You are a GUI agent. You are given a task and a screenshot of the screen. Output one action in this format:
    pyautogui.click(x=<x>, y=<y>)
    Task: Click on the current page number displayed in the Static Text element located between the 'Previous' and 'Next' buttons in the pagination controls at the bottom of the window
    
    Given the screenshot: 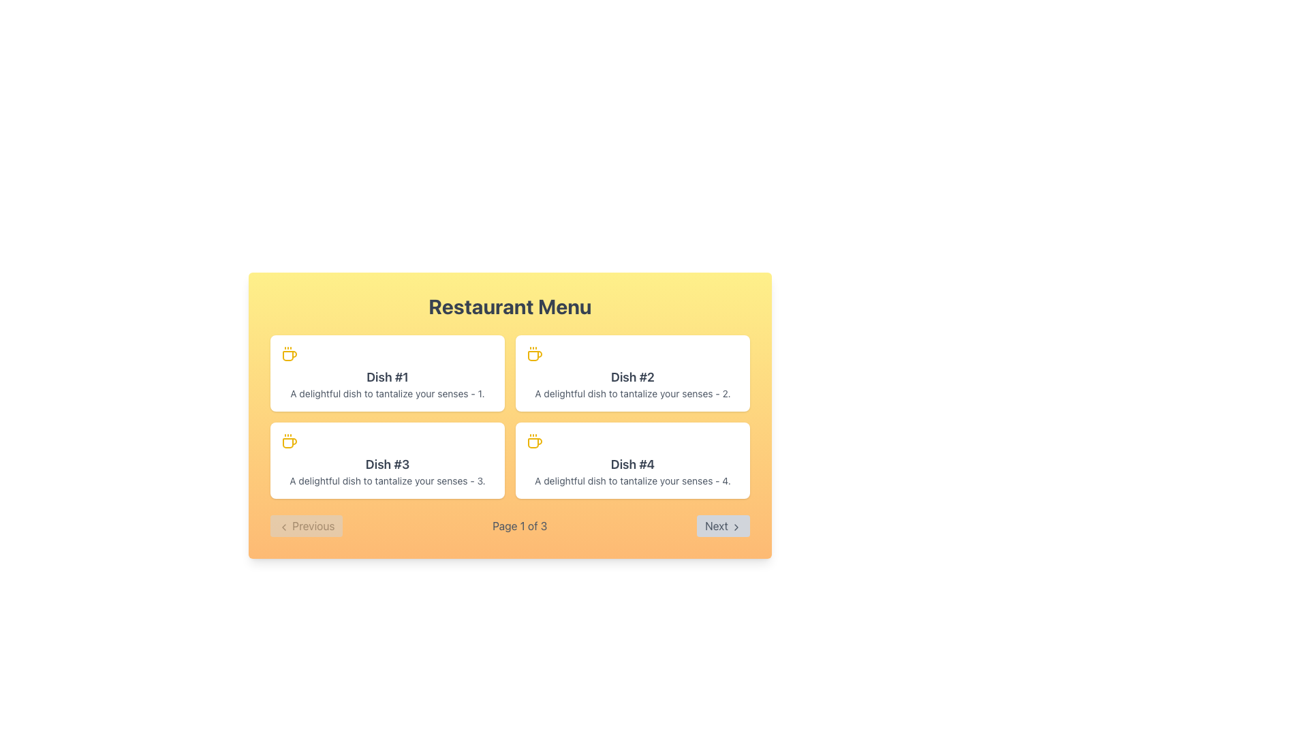 What is the action you would take?
    pyautogui.click(x=519, y=525)
    